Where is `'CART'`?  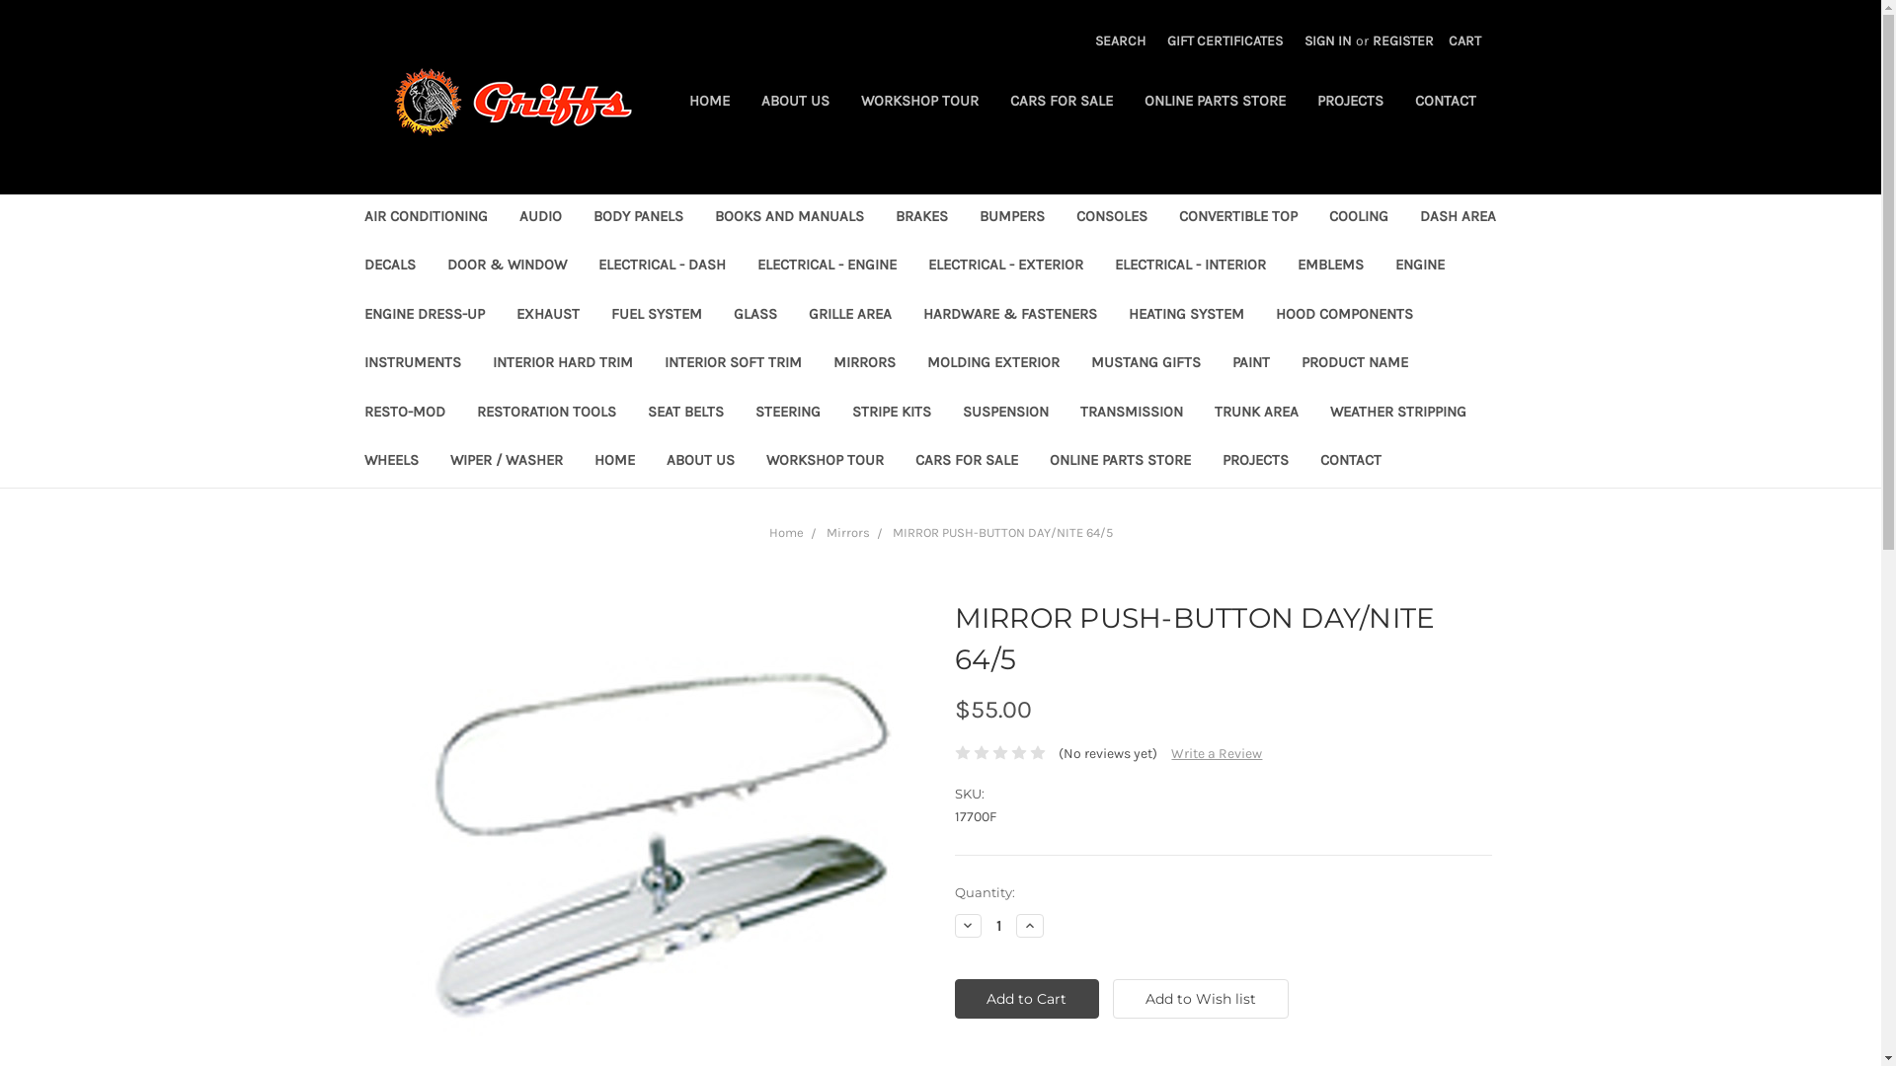 'CART' is located at coordinates (1464, 40).